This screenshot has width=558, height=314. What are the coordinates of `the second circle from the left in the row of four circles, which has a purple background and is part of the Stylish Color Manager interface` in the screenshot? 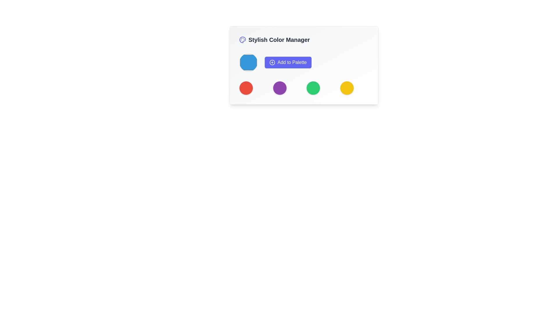 It's located at (280, 88).